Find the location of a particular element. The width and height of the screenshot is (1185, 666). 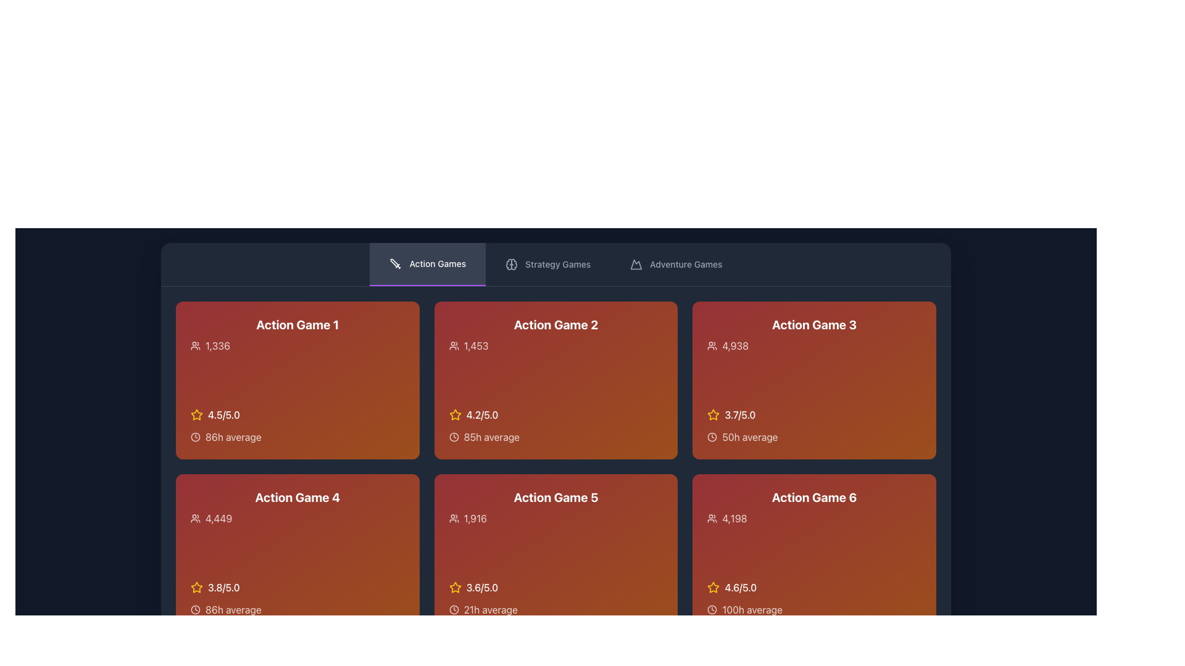

the circular outlined clock icon located to the left of the text '86h average' within the bottom portion of the game card is located at coordinates (194, 609).